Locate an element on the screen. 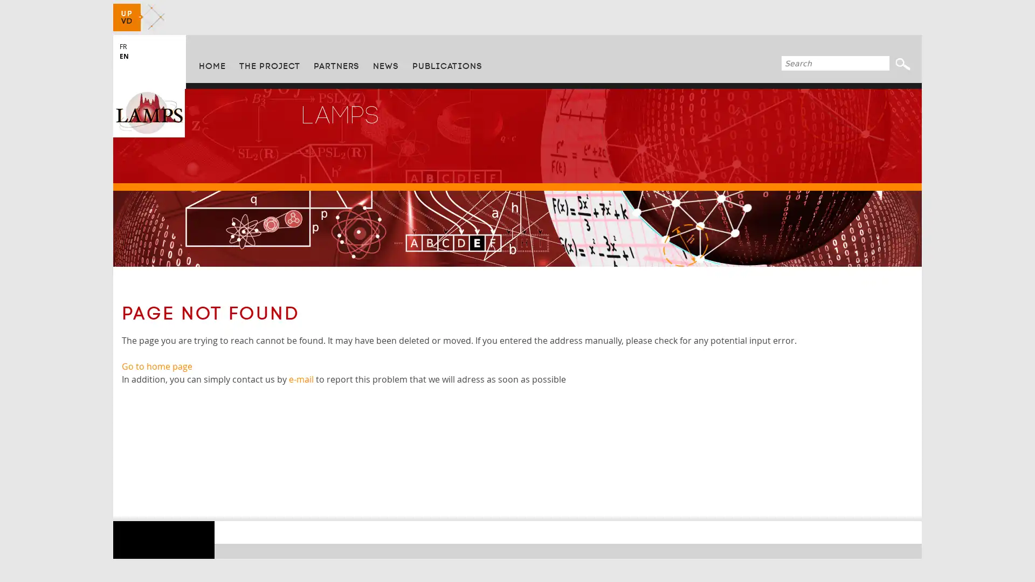 The image size is (1035, 582). Start search is located at coordinates (903, 64).